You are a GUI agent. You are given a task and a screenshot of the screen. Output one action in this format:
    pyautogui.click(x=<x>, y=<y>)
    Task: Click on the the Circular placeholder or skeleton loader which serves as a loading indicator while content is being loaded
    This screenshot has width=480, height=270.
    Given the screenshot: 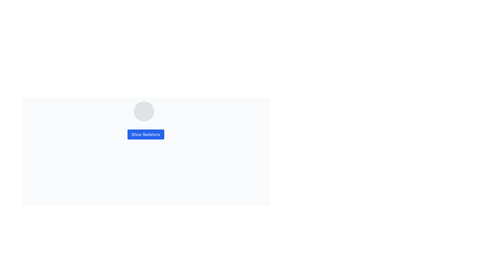 What is the action you would take?
    pyautogui.click(x=143, y=111)
    